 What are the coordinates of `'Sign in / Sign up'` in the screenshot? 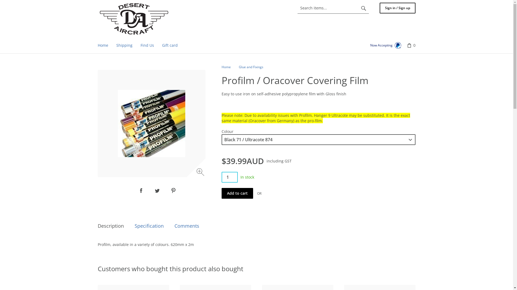 It's located at (397, 8).